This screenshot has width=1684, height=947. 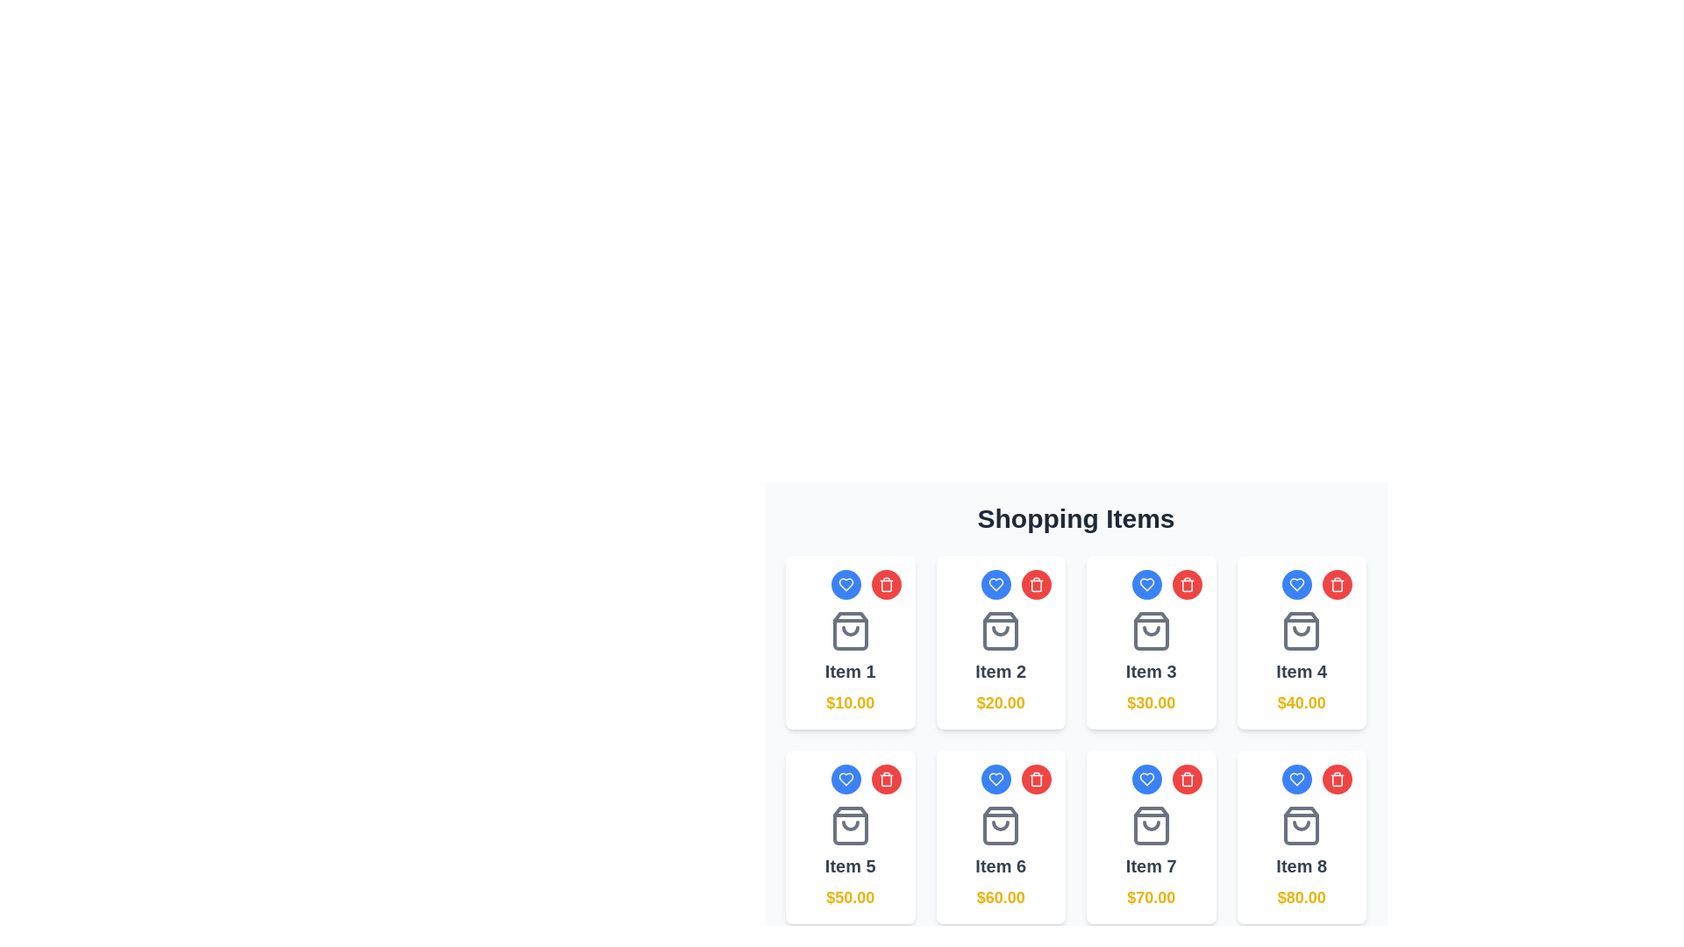 What do you see at coordinates (1302, 702) in the screenshot?
I see `the bold yellow price label displaying '$40.00' at the bottom of the 'Item 4' card` at bounding box center [1302, 702].